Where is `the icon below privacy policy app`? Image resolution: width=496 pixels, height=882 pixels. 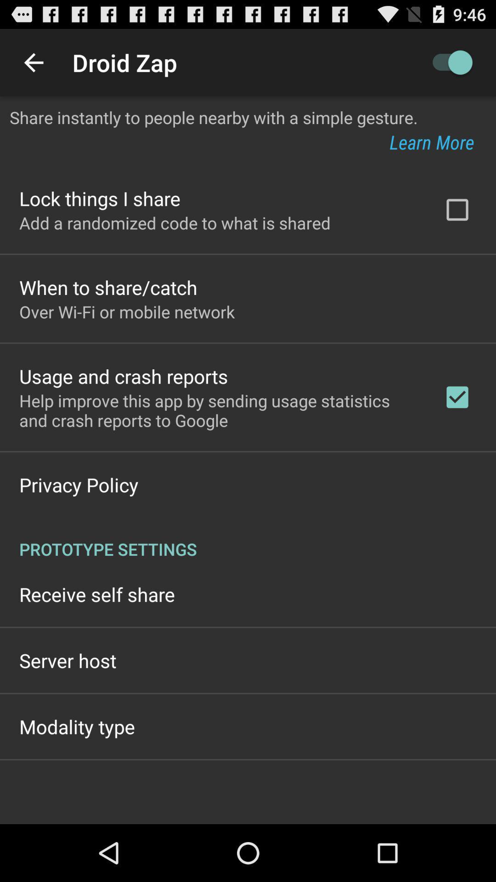
the icon below privacy policy app is located at coordinates (248, 539).